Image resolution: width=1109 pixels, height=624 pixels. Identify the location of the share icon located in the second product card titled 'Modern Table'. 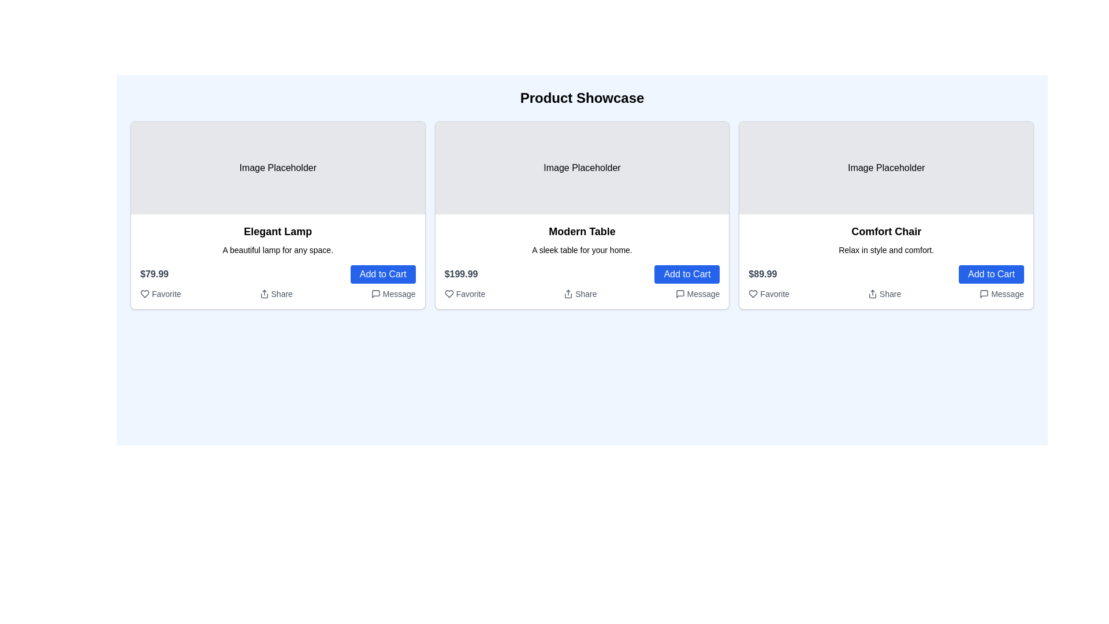
(568, 294).